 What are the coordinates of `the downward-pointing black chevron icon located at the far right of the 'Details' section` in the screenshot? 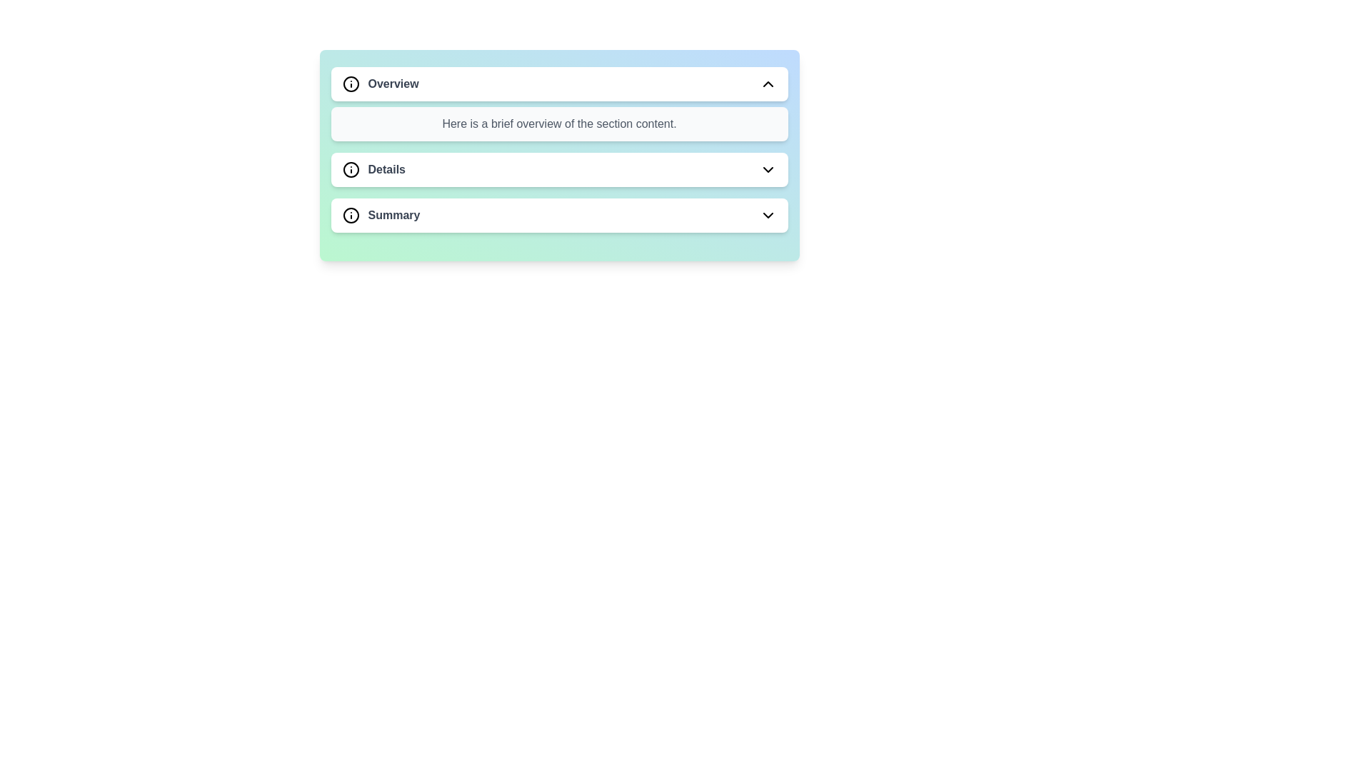 It's located at (767, 169).